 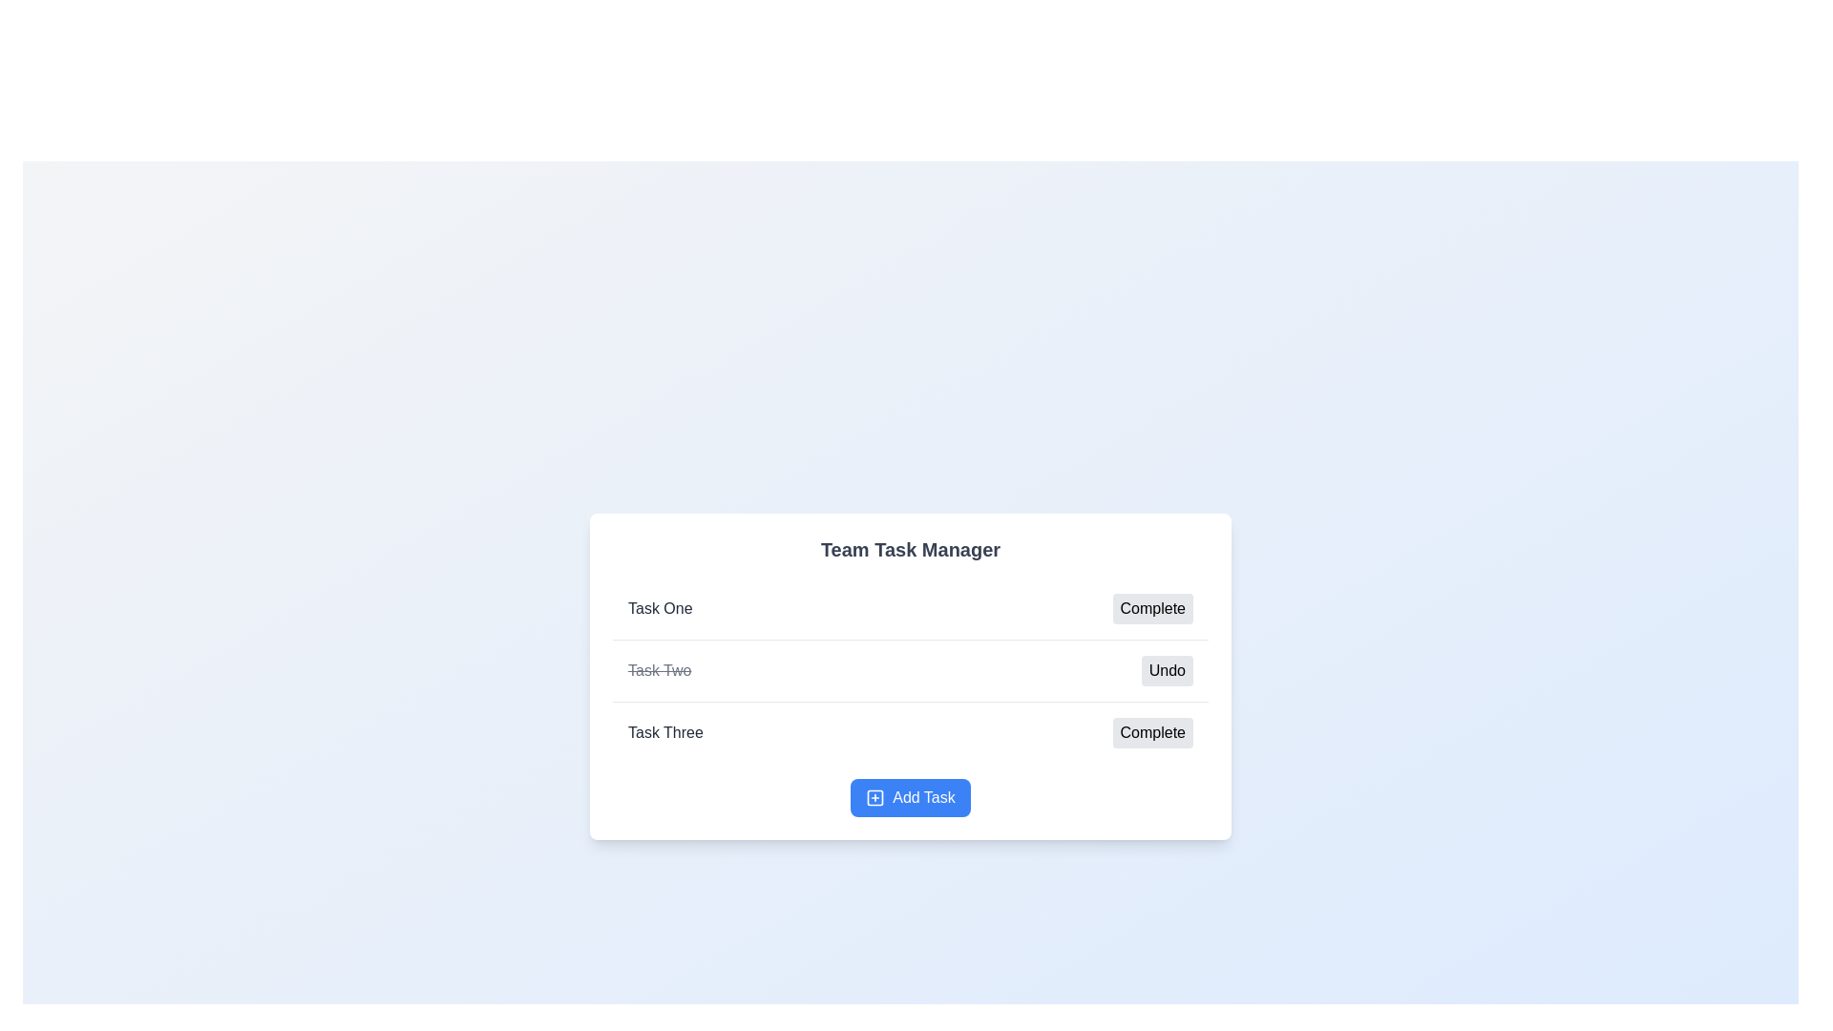 What do you see at coordinates (660, 608) in the screenshot?
I see `the task Task One from the list` at bounding box center [660, 608].